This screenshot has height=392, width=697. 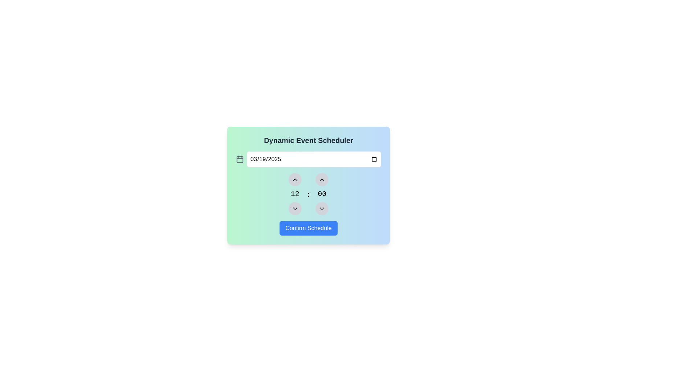 I want to click on the upward-pointing chevron icon inside the circular button to increment the hour value in the time selector area of the scheduler interface, so click(x=322, y=179).